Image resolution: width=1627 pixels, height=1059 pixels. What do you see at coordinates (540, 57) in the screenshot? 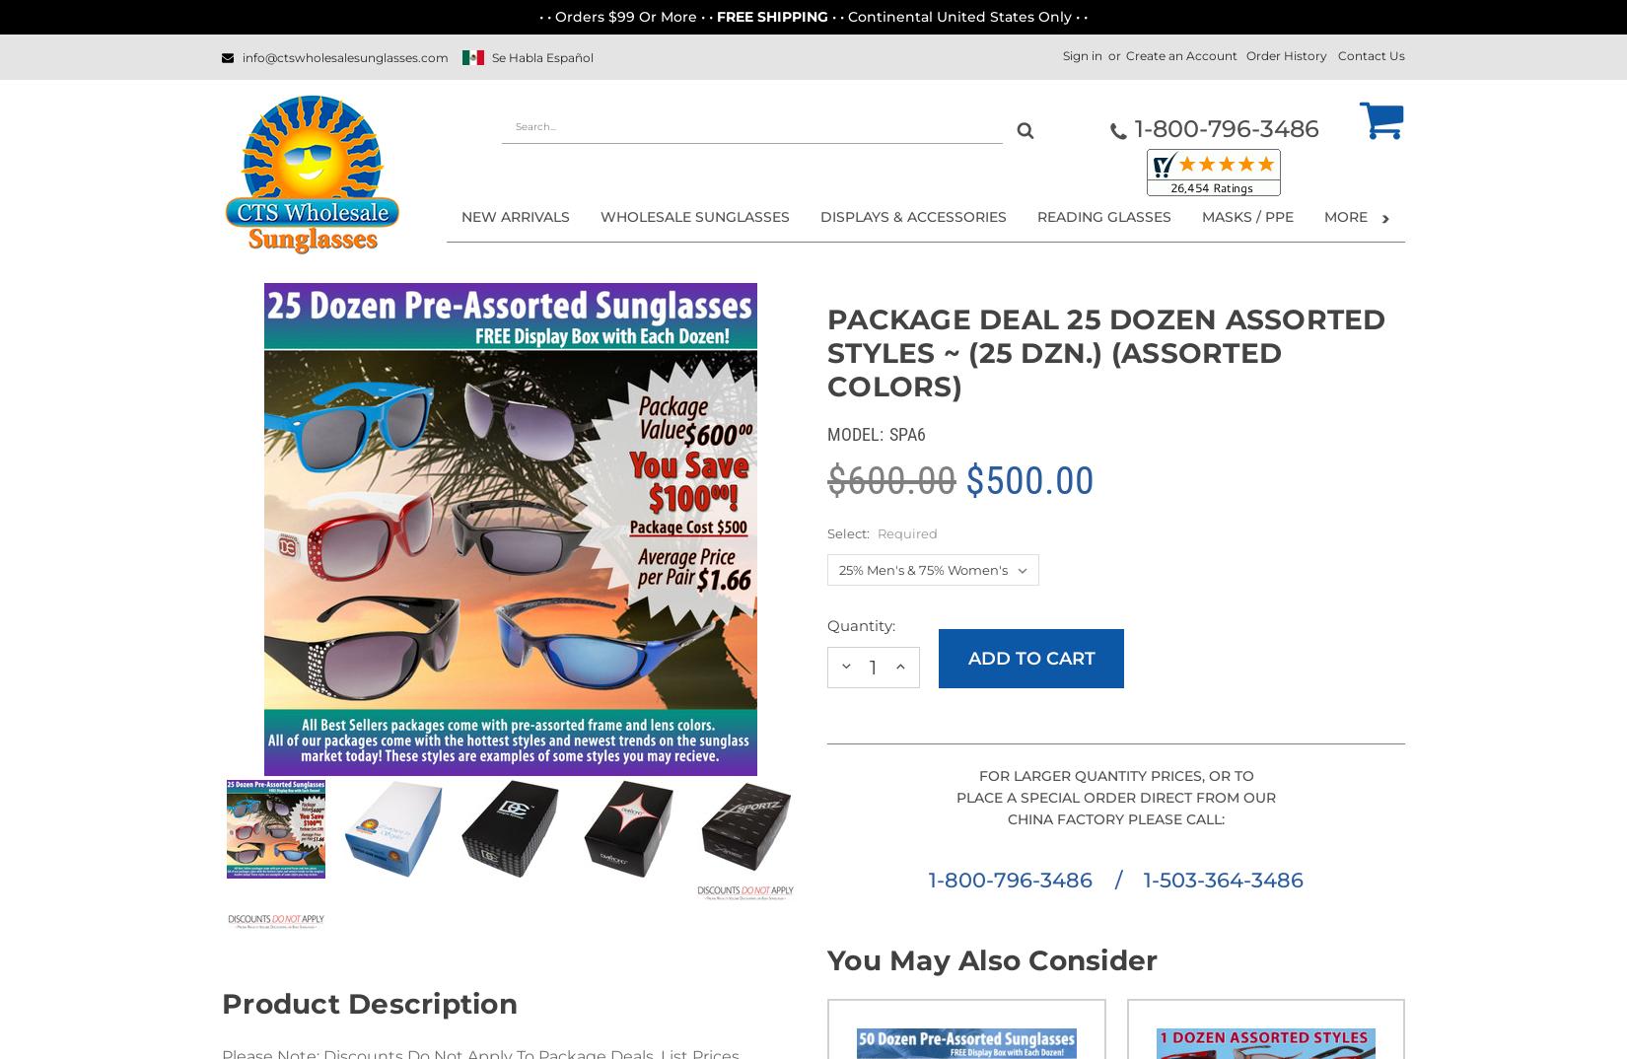
I see `'Se Habla Español'` at bounding box center [540, 57].